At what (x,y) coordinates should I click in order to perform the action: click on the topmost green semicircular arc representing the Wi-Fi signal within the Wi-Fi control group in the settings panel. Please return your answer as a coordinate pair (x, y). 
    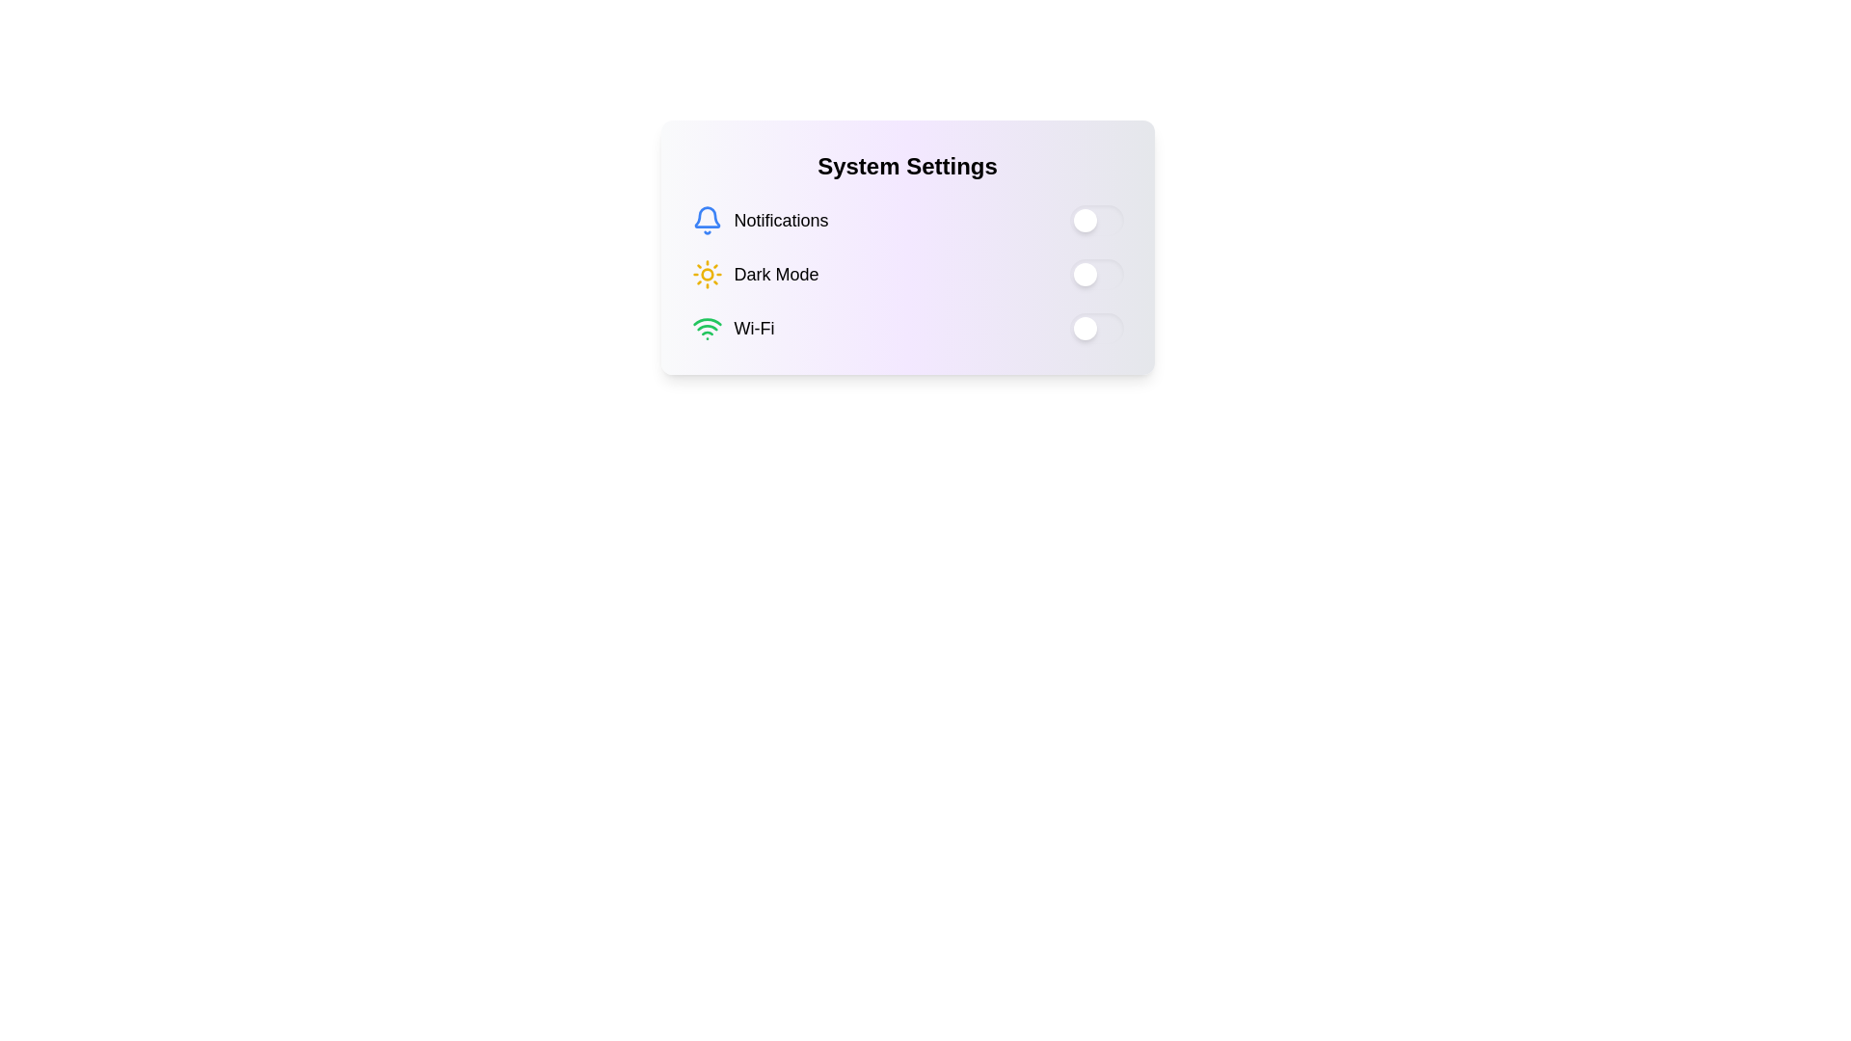
    Looking at the image, I should click on (706, 321).